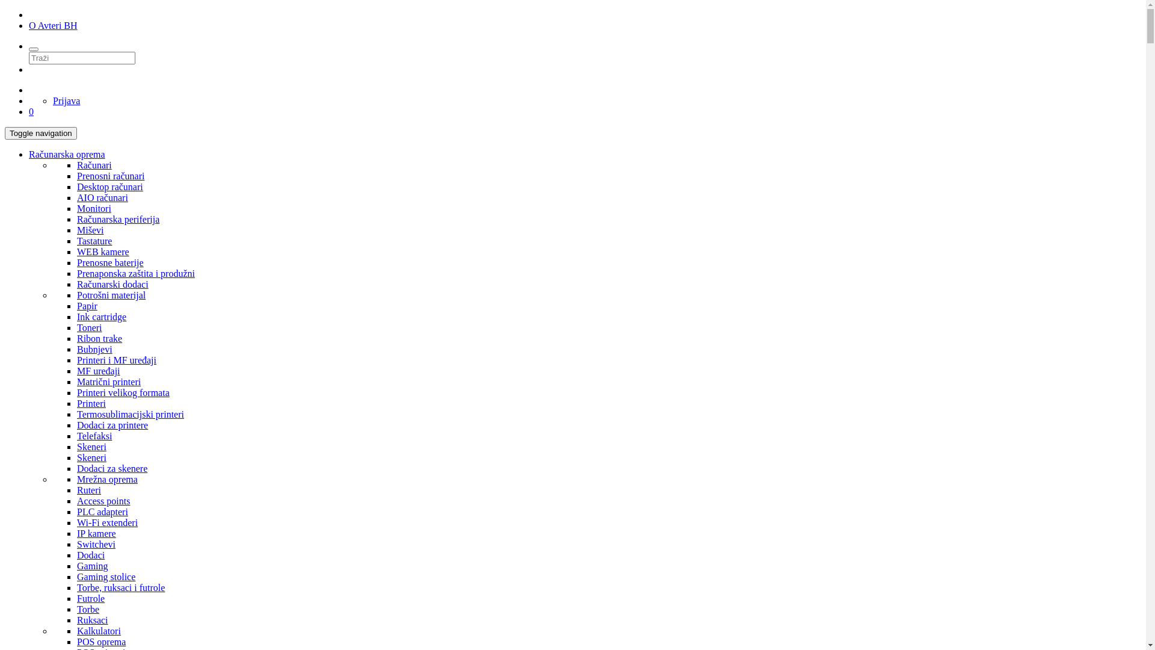 The height and width of the screenshot is (650, 1155). I want to click on 'Termosublimacijski printeri', so click(130, 413).